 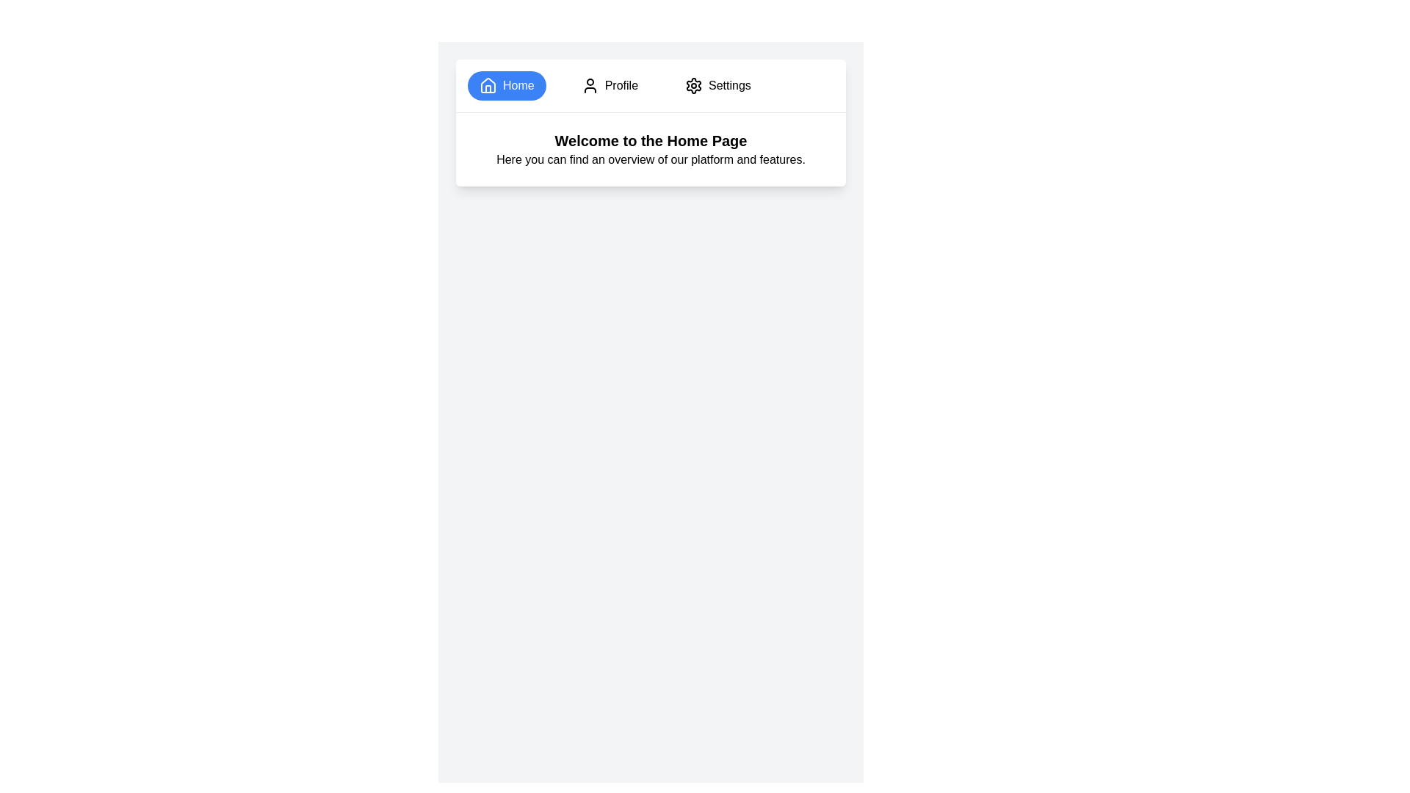 I want to click on the 'Home' text label in the navigation bar, so click(x=518, y=85).